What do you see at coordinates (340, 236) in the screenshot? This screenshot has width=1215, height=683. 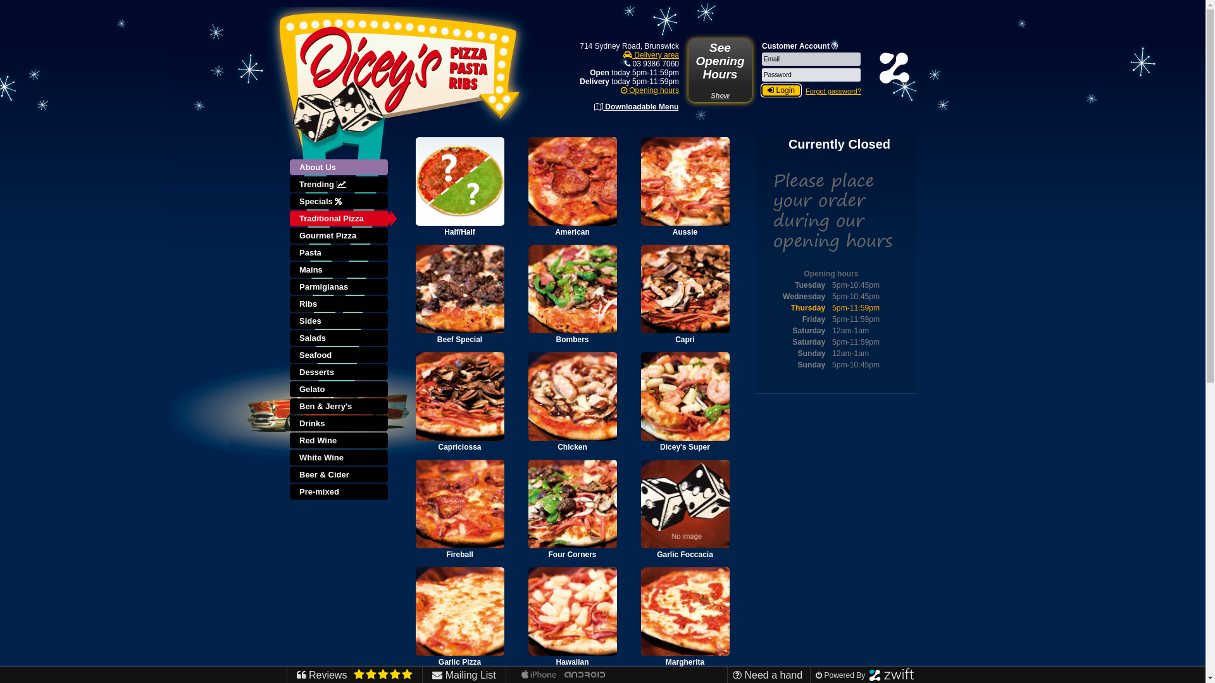 I see `'Gourmet Pizza'` at bounding box center [340, 236].